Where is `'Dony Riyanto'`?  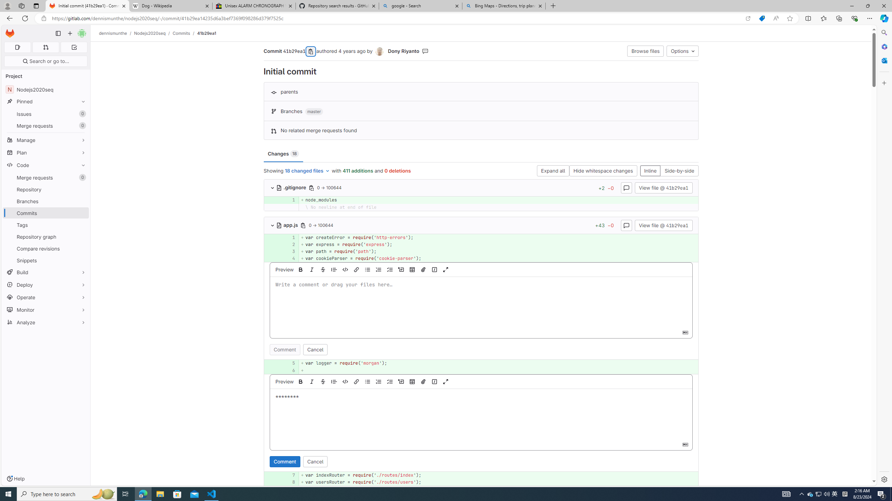
'Dony Riyanto' is located at coordinates (380, 51).